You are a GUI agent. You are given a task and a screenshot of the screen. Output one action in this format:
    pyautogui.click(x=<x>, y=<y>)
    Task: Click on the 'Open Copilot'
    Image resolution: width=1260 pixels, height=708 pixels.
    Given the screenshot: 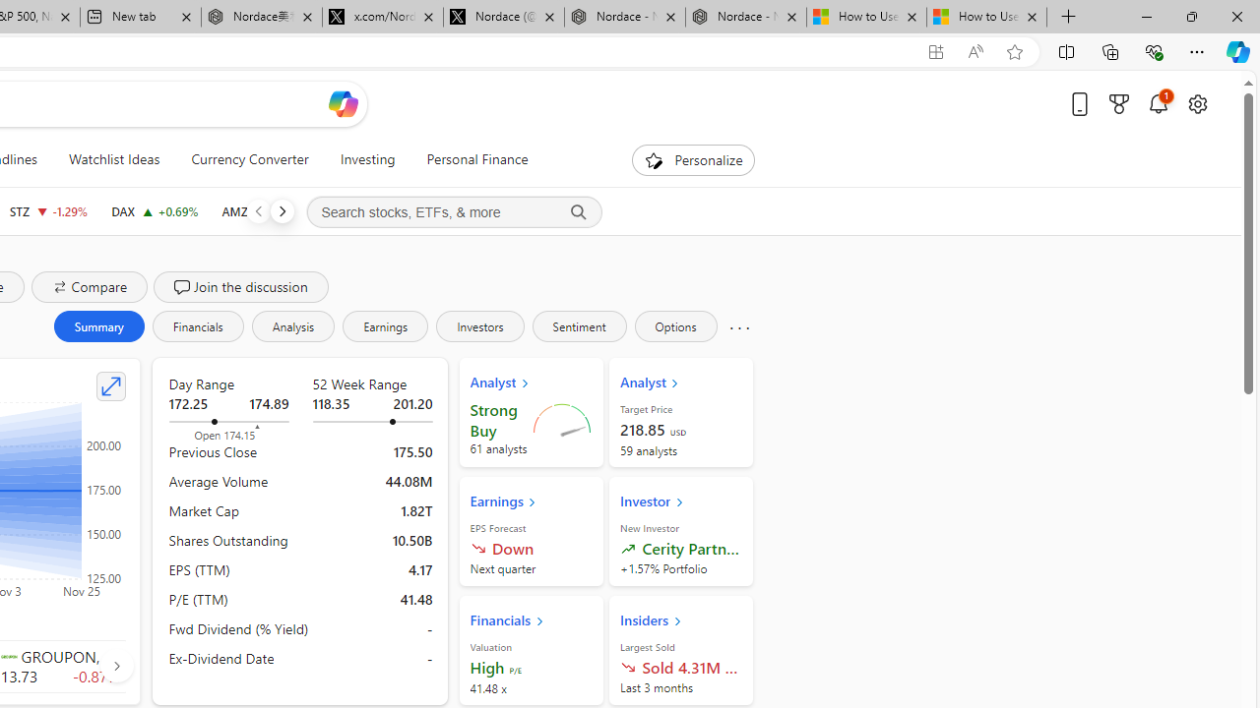 What is the action you would take?
    pyautogui.click(x=343, y=103)
    